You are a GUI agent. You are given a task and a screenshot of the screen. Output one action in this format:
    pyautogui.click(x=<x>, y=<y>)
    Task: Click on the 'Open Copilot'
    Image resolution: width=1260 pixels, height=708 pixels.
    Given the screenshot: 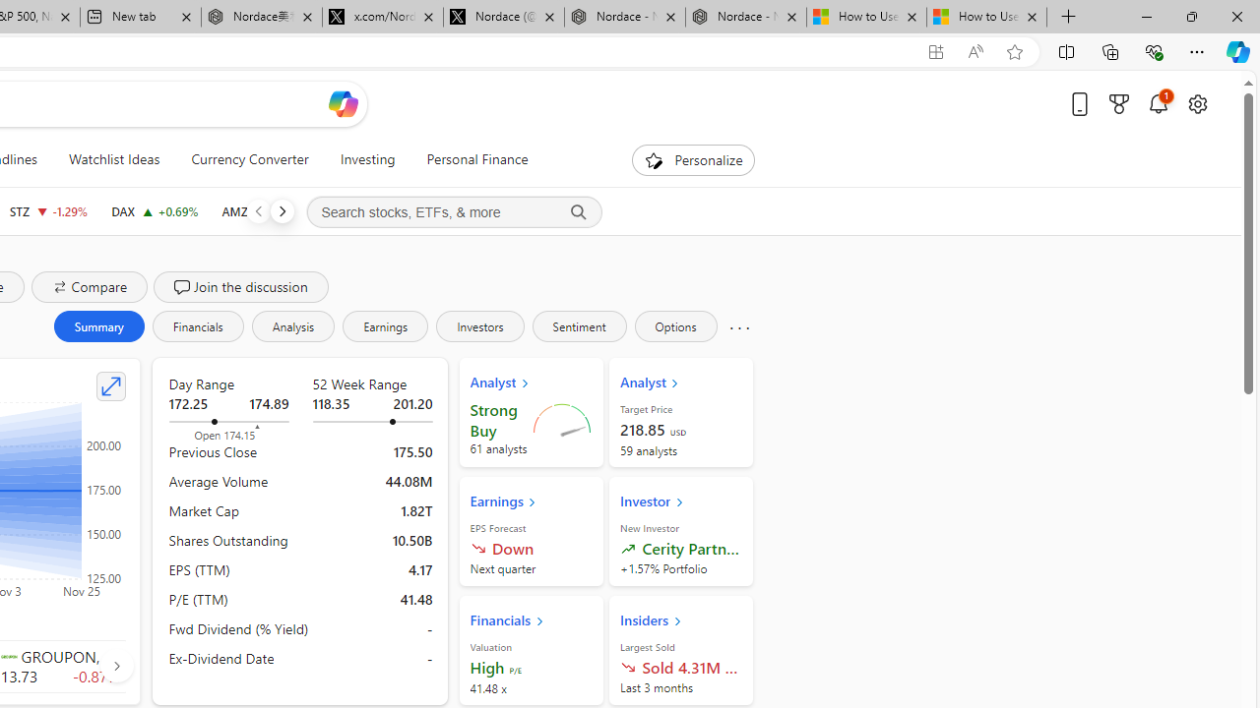 What is the action you would take?
    pyautogui.click(x=343, y=103)
    